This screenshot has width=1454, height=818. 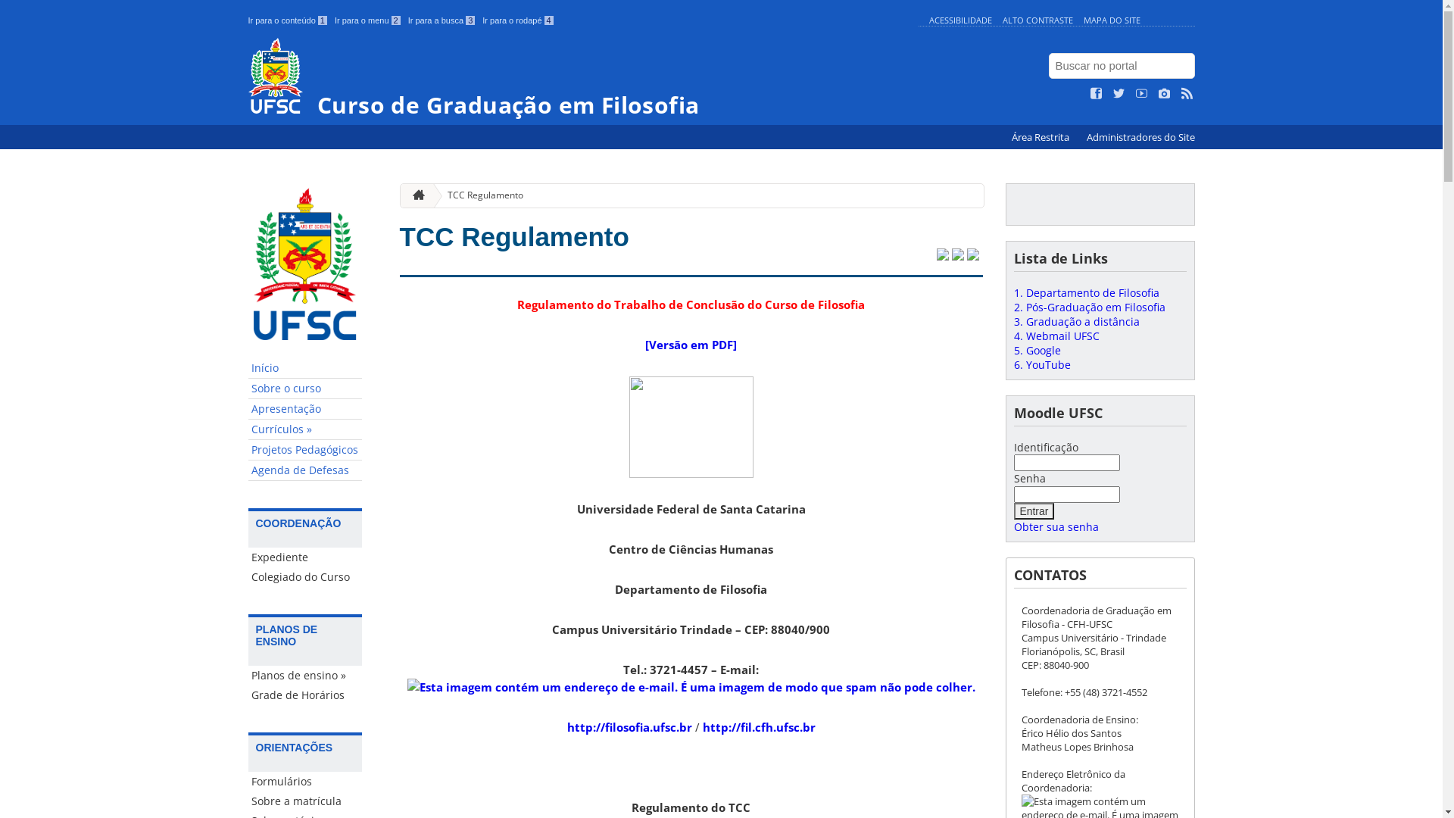 What do you see at coordinates (1163, 93) in the screenshot?
I see `'Veja no Instagram'` at bounding box center [1163, 93].